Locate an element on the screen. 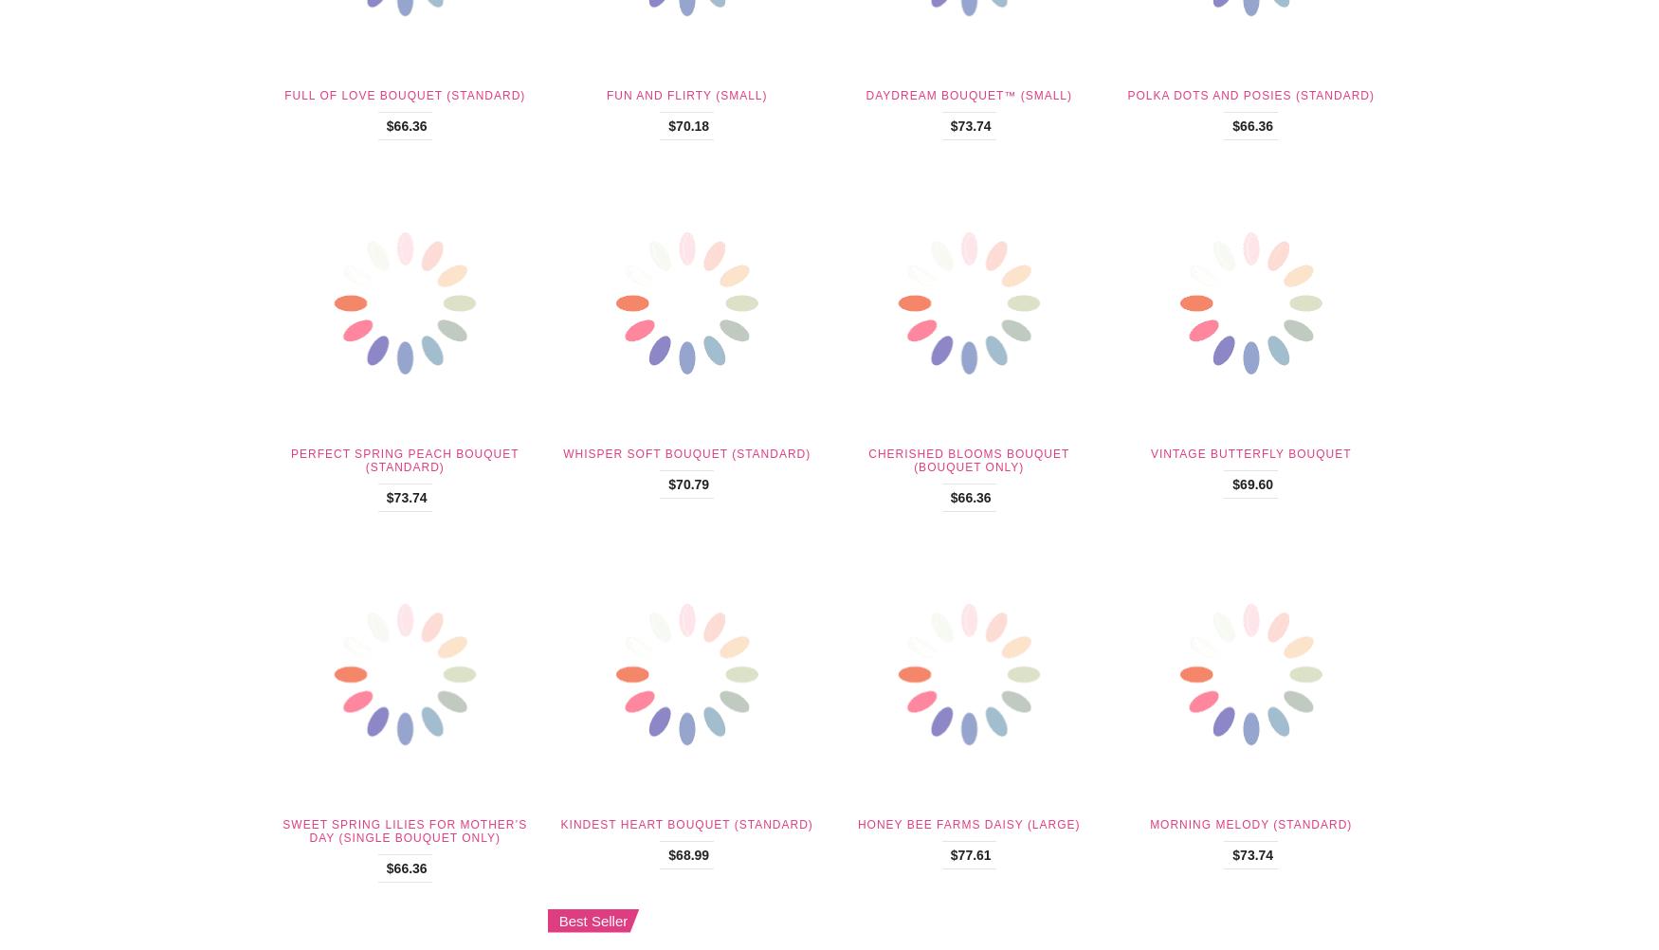 The height and width of the screenshot is (950, 1659). 'Morning Melody (Standard)' is located at coordinates (1250, 825).